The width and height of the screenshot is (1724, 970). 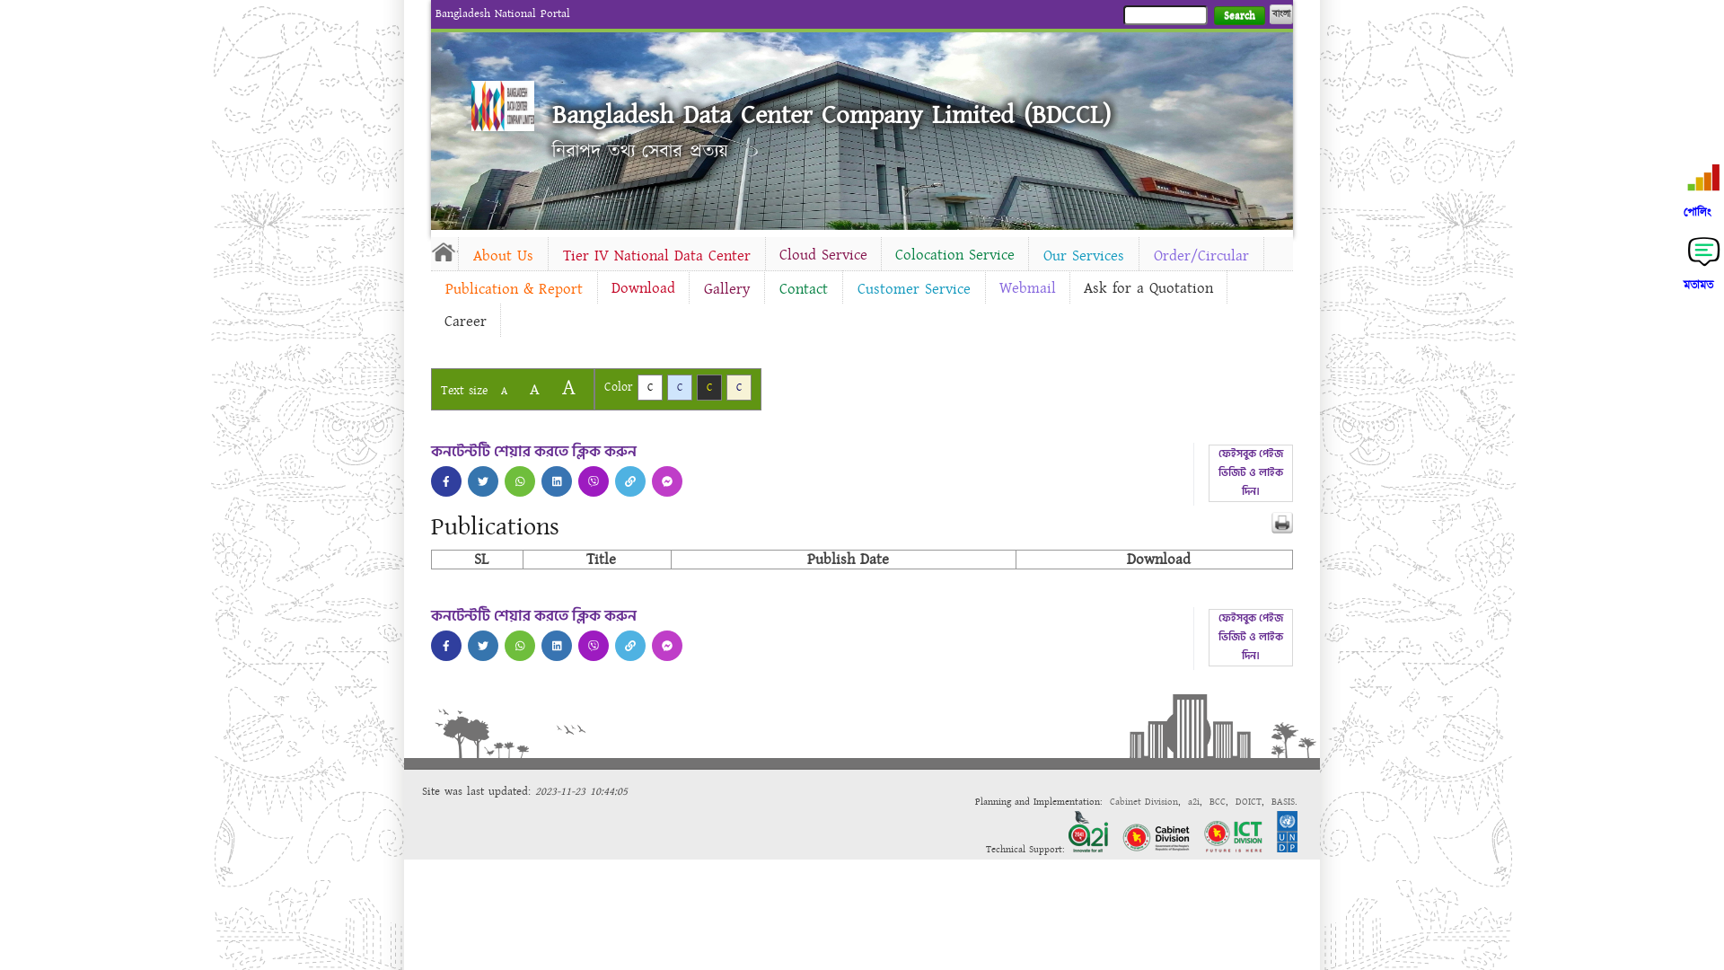 I want to click on 'Tier IV National Data Center', so click(x=655, y=256).